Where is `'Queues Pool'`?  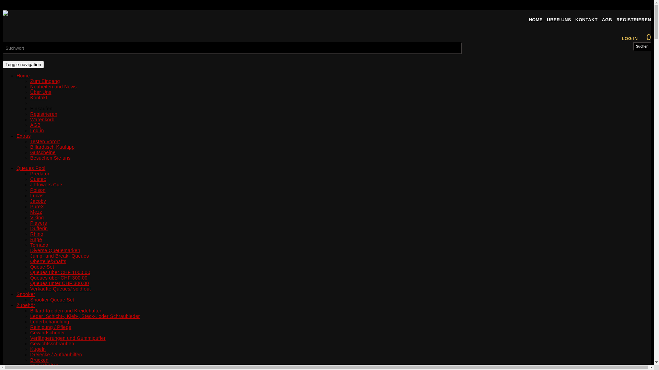
'Queues Pool' is located at coordinates (31, 168).